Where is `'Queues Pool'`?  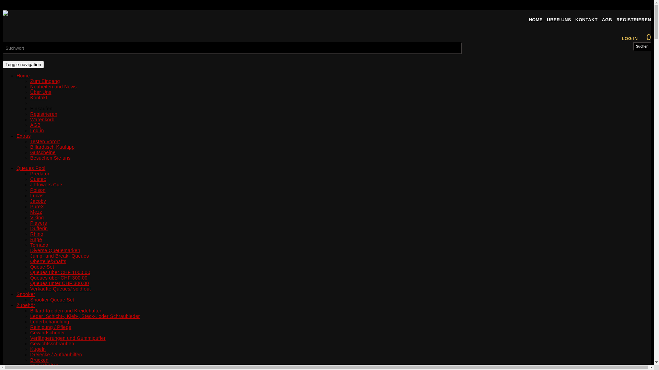
'Queues Pool' is located at coordinates (31, 168).